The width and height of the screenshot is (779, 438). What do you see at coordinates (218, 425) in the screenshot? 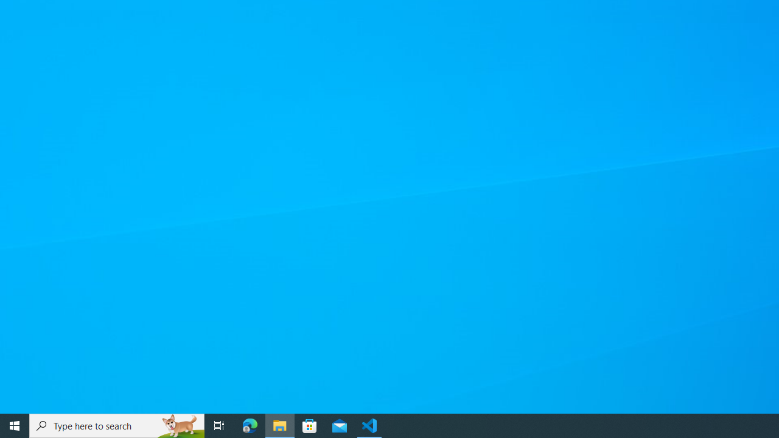
I see `'Task View'` at bounding box center [218, 425].